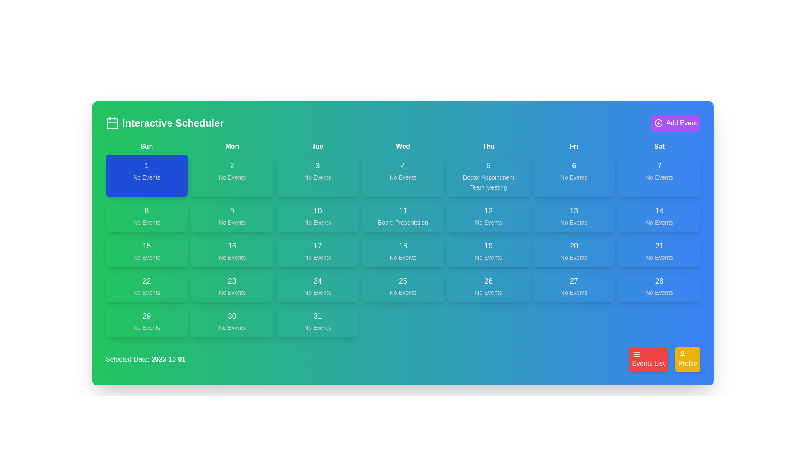 The height and width of the screenshot is (451, 802). Describe the element at coordinates (659, 177) in the screenshot. I see `the status indicator Text Label that displays 'no events scheduled' for the date '7', located in the sixth column (Saturday) of the calendar grid, directly below the text '7'` at that location.